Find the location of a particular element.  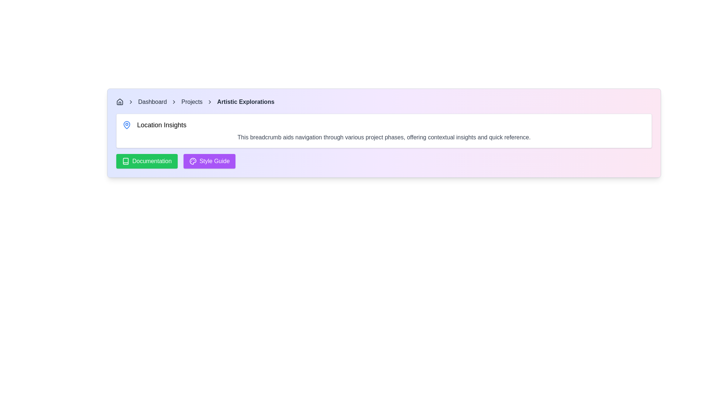

the purple paint palette SVG icon located to the left of the 'Style Guide' button in the navigation bar at the bottom of the section is located at coordinates (193, 161).